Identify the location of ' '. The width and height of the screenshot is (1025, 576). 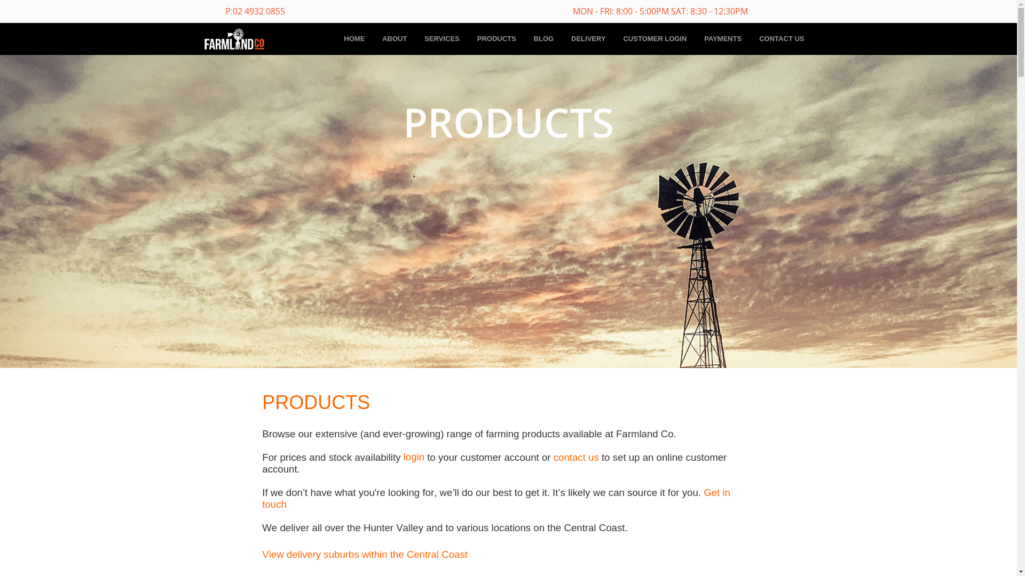
(701, 492).